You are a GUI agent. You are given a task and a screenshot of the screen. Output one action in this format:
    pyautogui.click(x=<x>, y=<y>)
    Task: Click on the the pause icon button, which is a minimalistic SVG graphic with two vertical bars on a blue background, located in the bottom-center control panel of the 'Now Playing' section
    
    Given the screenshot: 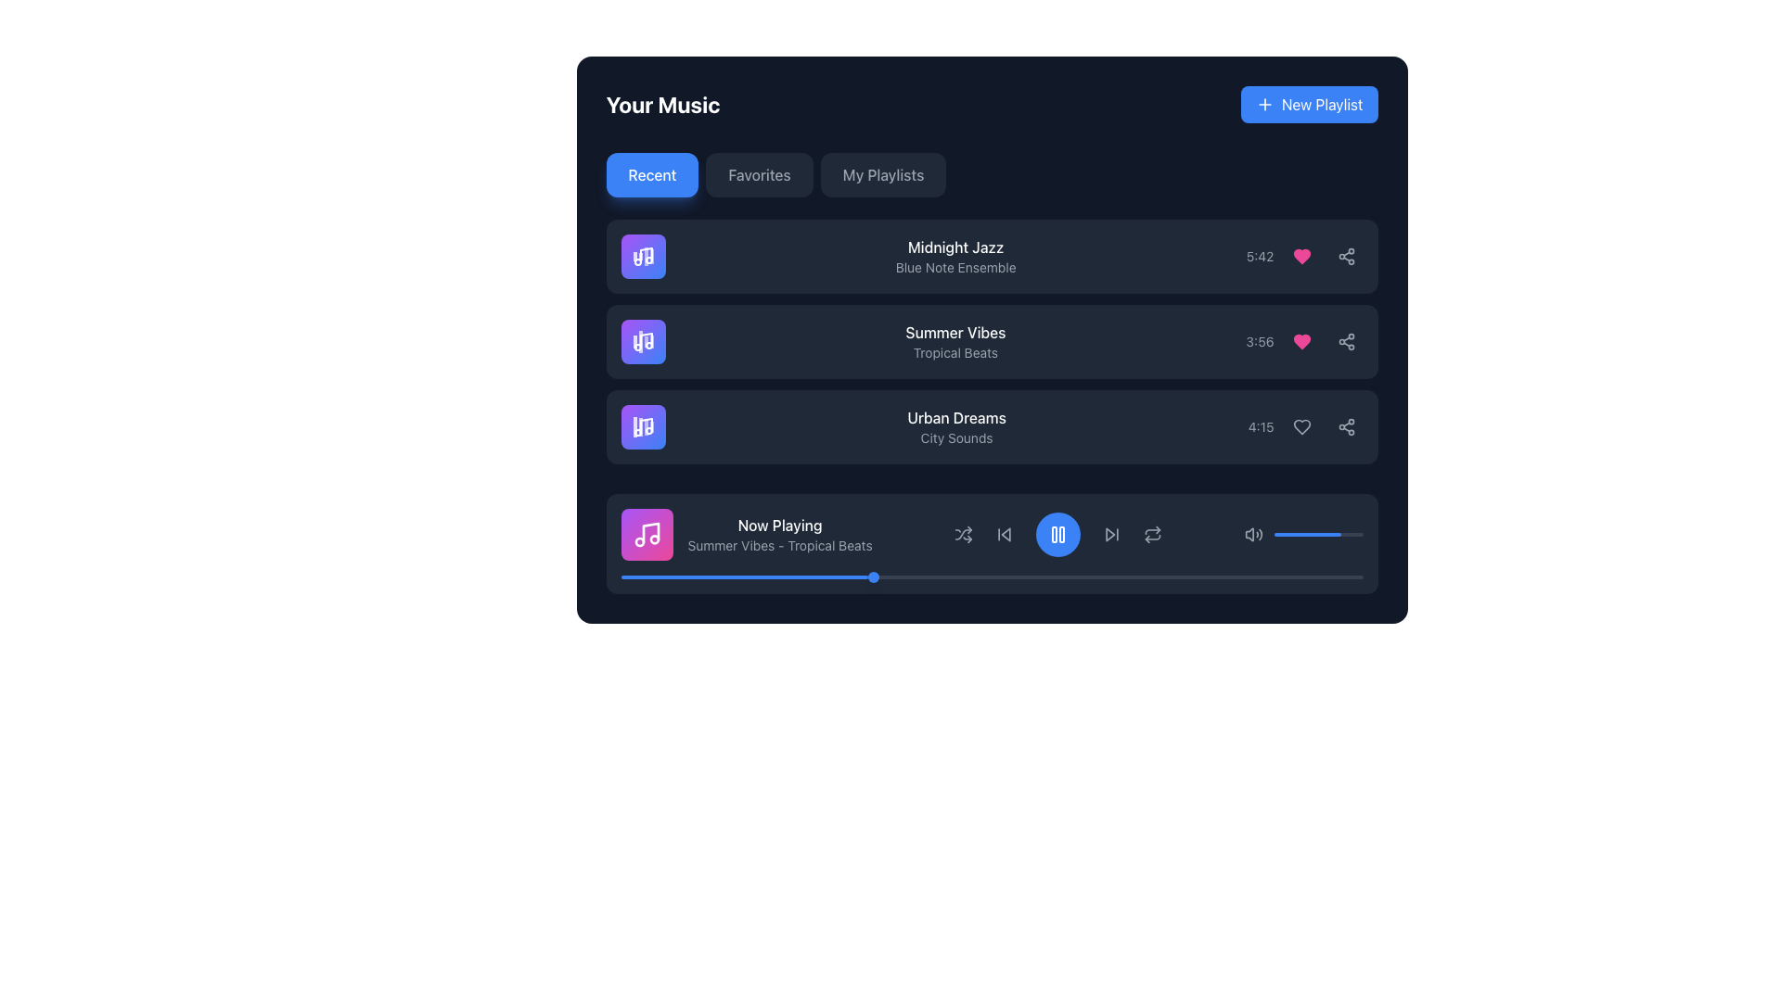 What is the action you would take?
    pyautogui.click(x=1058, y=535)
    